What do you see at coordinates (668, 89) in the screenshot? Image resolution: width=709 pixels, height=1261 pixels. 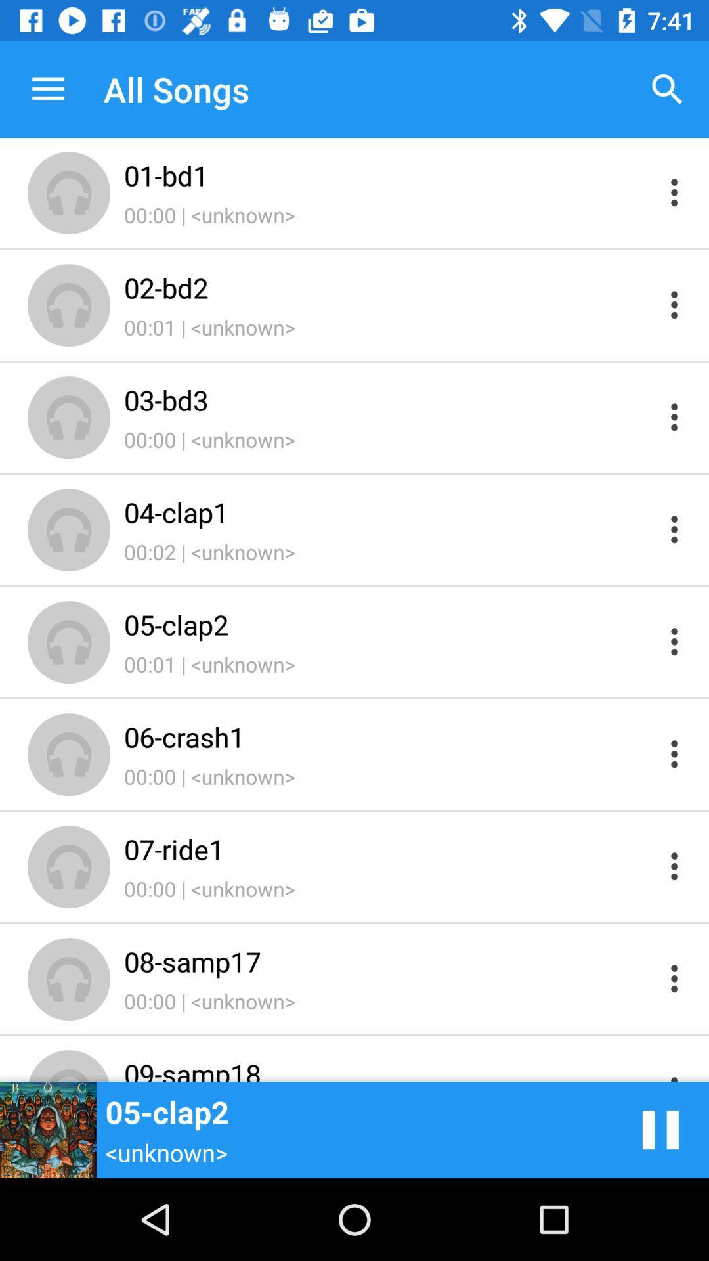 I see `item above the 01-bd1` at bounding box center [668, 89].